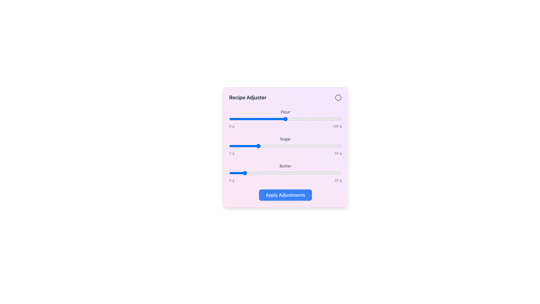 The height and width of the screenshot is (304, 540). What do you see at coordinates (255, 119) in the screenshot?
I see `the flour amount` at bounding box center [255, 119].